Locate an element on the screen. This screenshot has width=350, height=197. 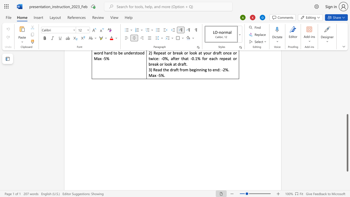
the right-hand scrollbar to ascend the page is located at coordinates (347, 90).